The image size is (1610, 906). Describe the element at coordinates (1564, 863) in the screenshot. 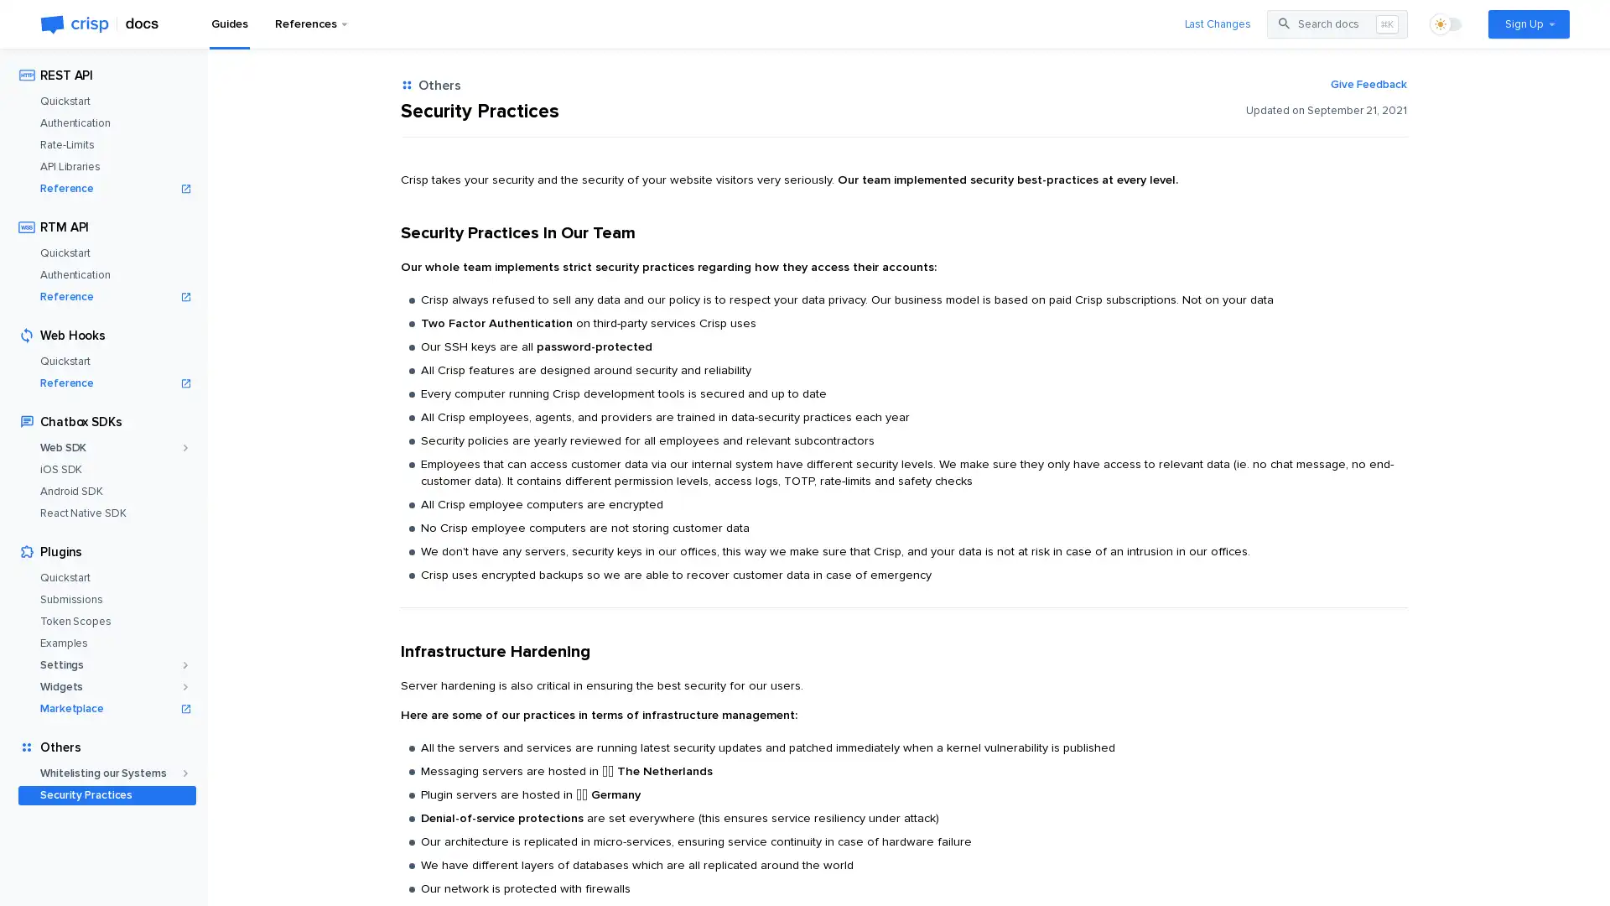

I see `Questions? Chat with us! Support is online. Chat with Crisp Team` at that location.